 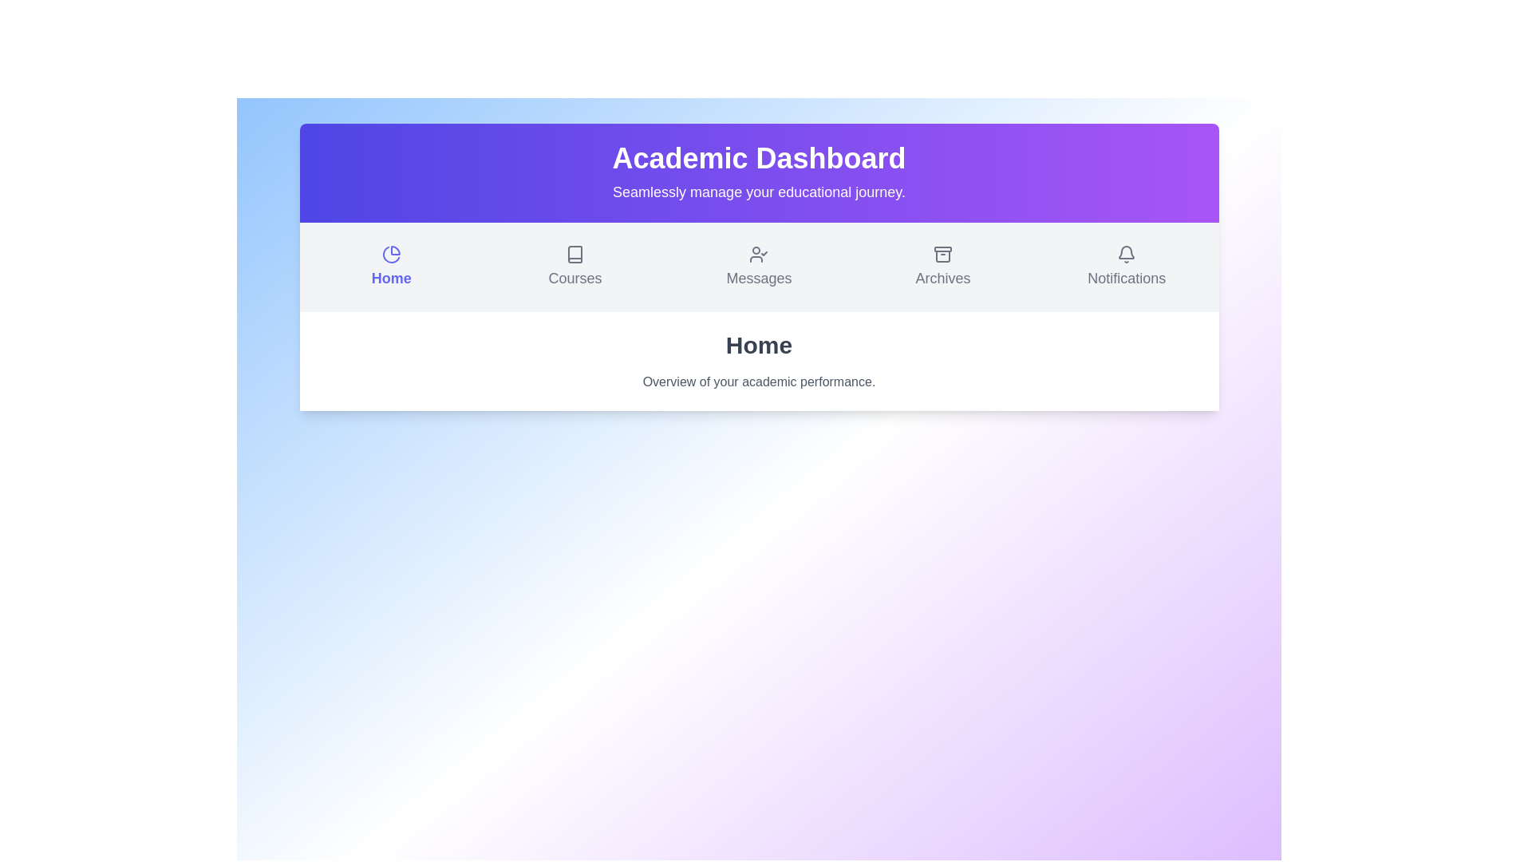 I want to click on the Notifications section from the menu, so click(x=1126, y=267).